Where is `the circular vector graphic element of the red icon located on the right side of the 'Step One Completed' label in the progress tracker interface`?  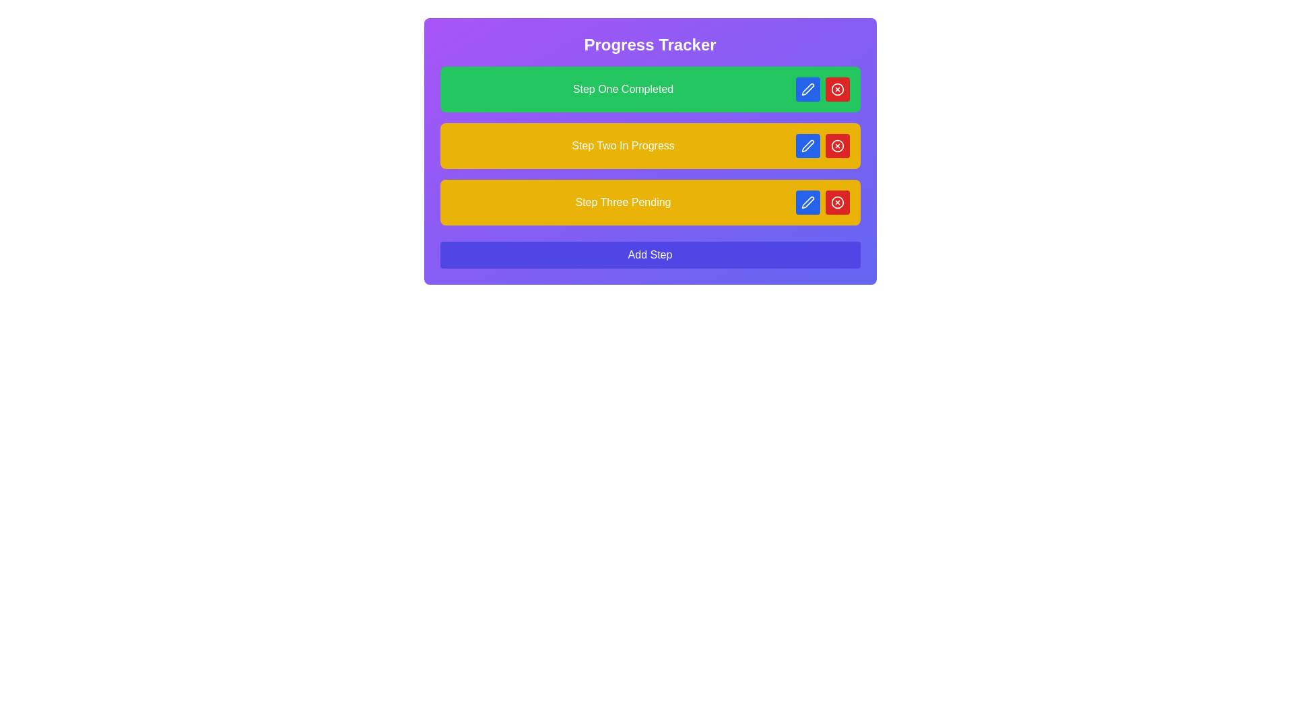 the circular vector graphic element of the red icon located on the right side of the 'Step One Completed' label in the progress tracker interface is located at coordinates (836, 89).